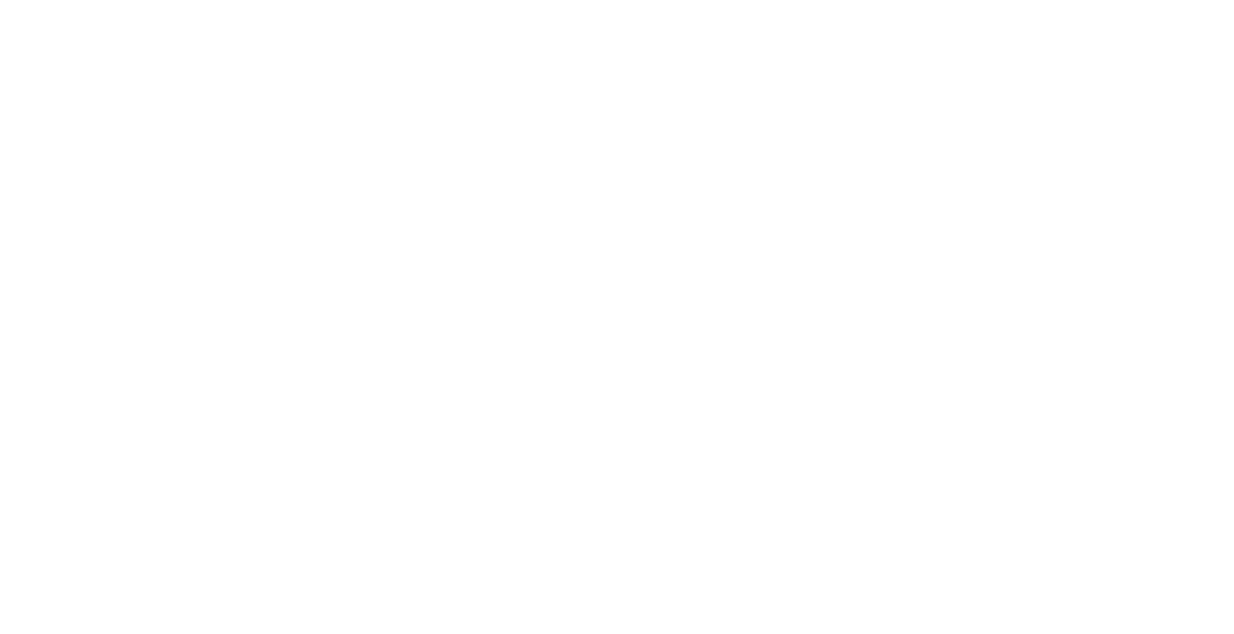  Describe the element at coordinates (494, 251) in the screenshot. I see `'23115
				Leonard Hall Drive, #653'` at that location.